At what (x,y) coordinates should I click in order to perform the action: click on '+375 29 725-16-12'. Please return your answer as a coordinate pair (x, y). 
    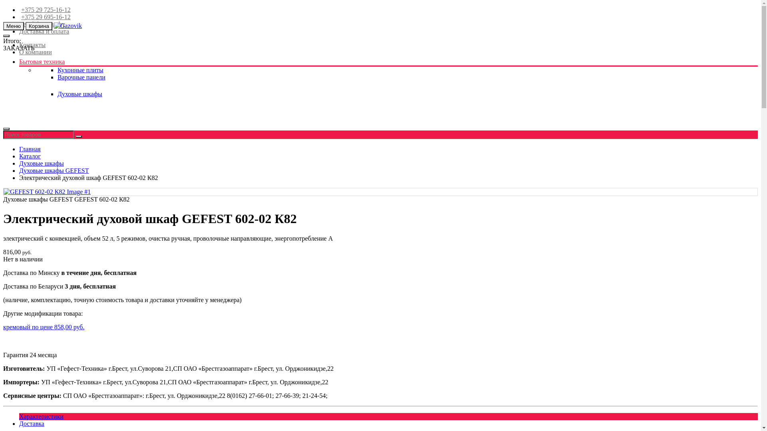
    Looking at the image, I should click on (44, 10).